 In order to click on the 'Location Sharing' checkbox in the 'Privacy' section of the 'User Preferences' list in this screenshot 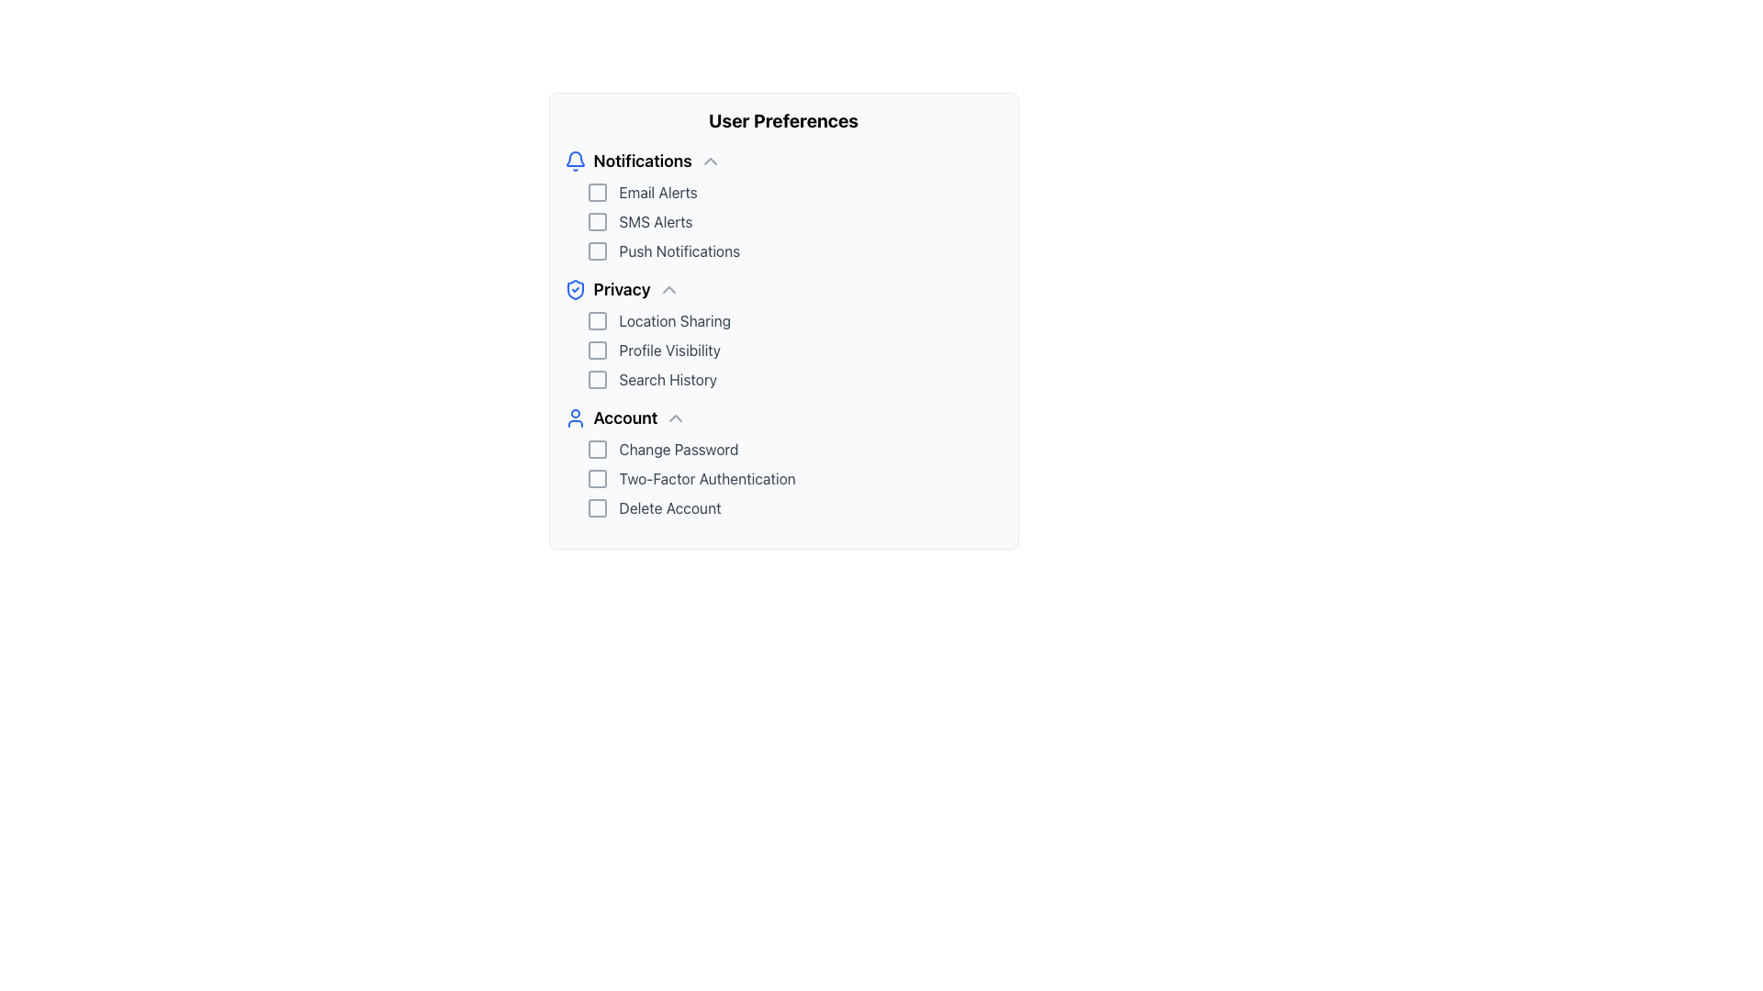, I will do `click(597, 320)`.